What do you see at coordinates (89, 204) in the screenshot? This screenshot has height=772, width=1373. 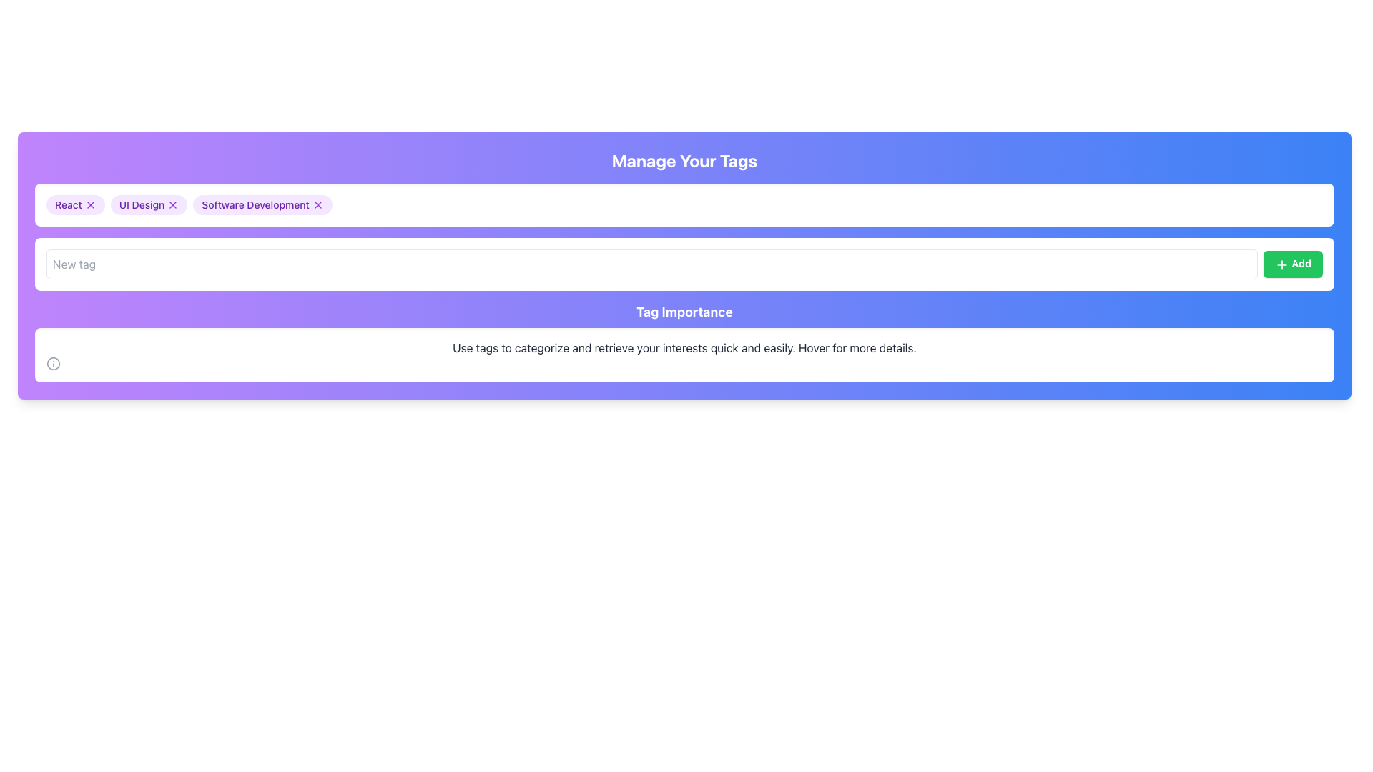 I see `the small interactive close button located to the far right of the 'React' tag` at bounding box center [89, 204].